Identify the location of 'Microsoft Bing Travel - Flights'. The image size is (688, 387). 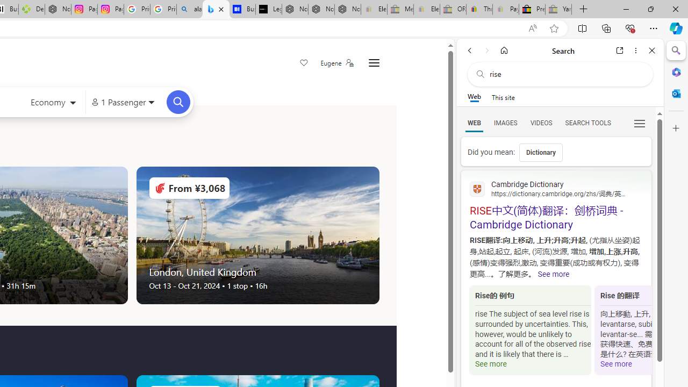
(215, 9).